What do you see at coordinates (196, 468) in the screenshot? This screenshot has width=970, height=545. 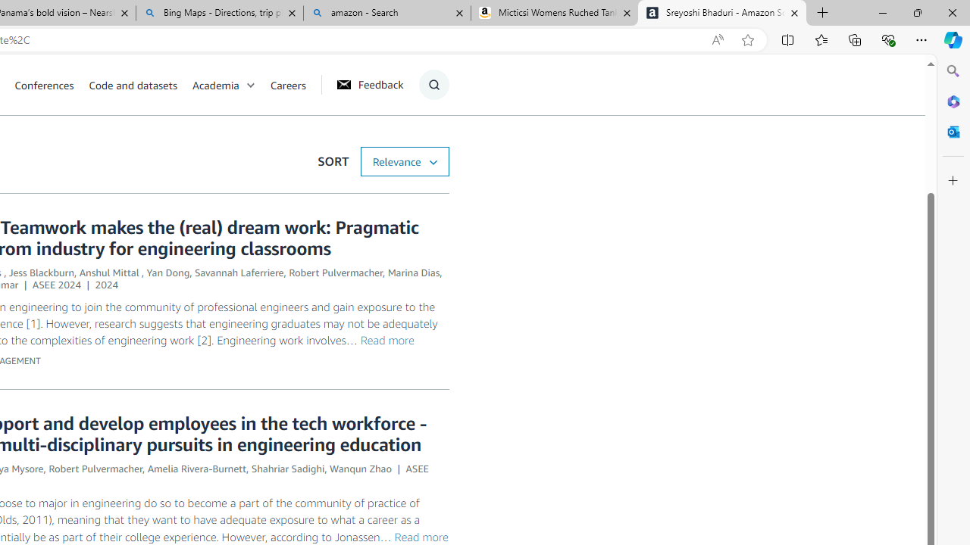 I see `'Amelia Rivera-Burnett'` at bounding box center [196, 468].